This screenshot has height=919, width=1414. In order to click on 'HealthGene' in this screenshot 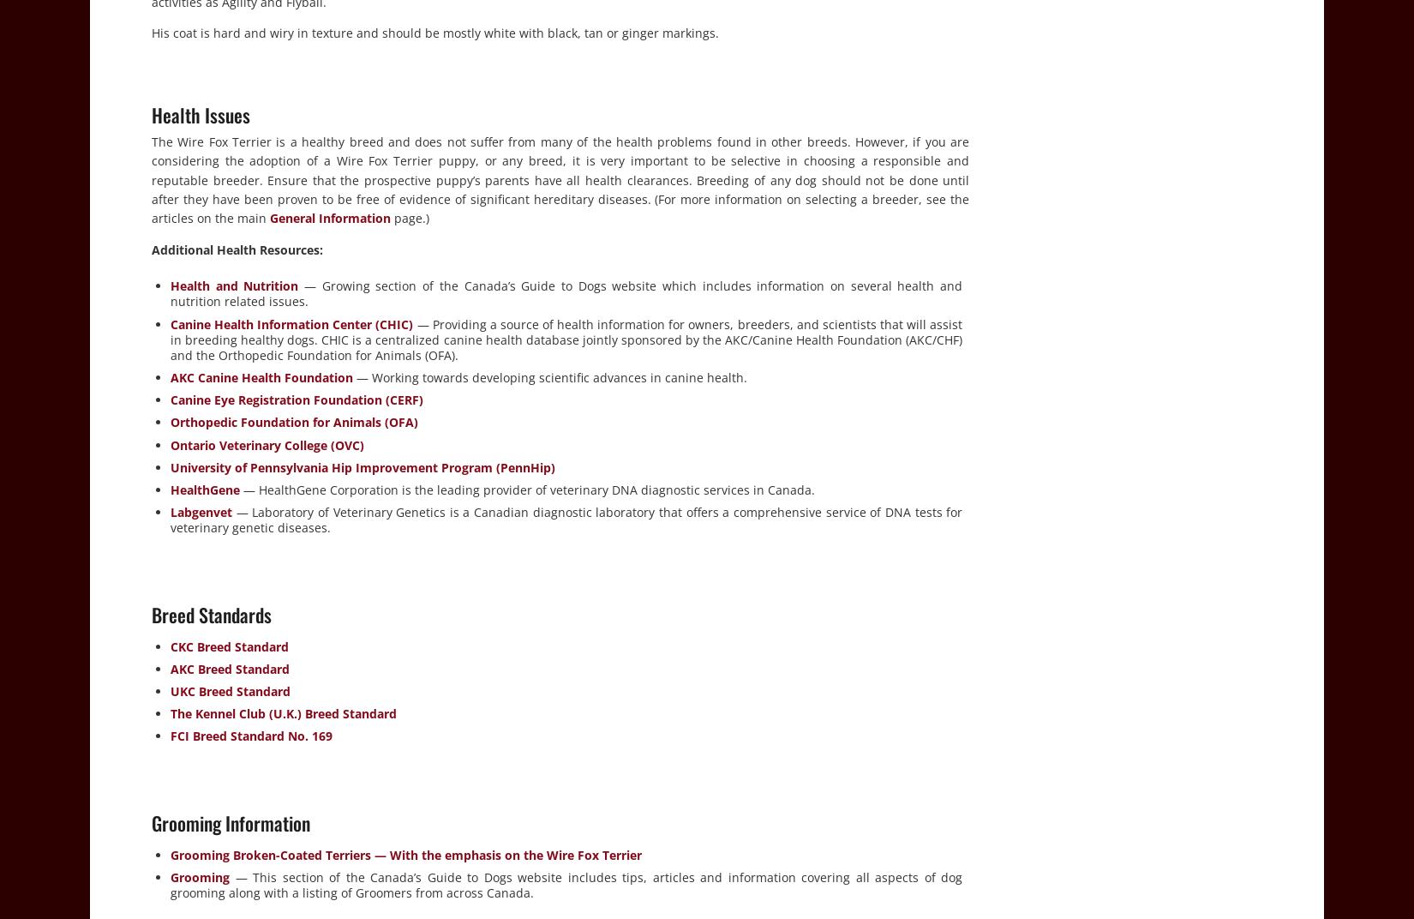, I will do `click(205, 489)`.